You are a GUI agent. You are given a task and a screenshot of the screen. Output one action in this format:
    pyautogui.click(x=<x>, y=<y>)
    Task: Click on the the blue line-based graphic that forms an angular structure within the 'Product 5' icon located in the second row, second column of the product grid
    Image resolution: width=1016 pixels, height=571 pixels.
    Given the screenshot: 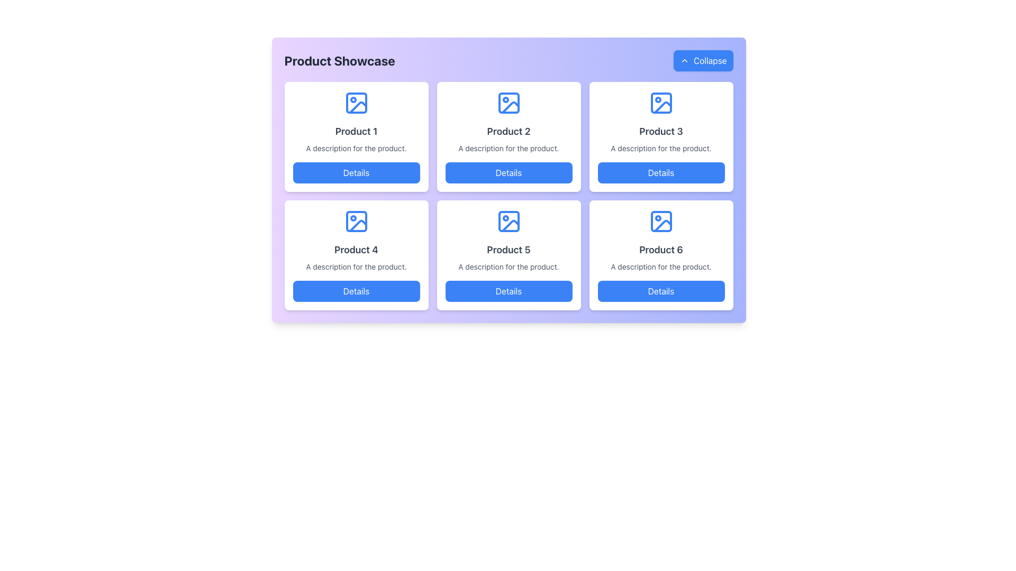 What is the action you would take?
    pyautogui.click(x=510, y=225)
    